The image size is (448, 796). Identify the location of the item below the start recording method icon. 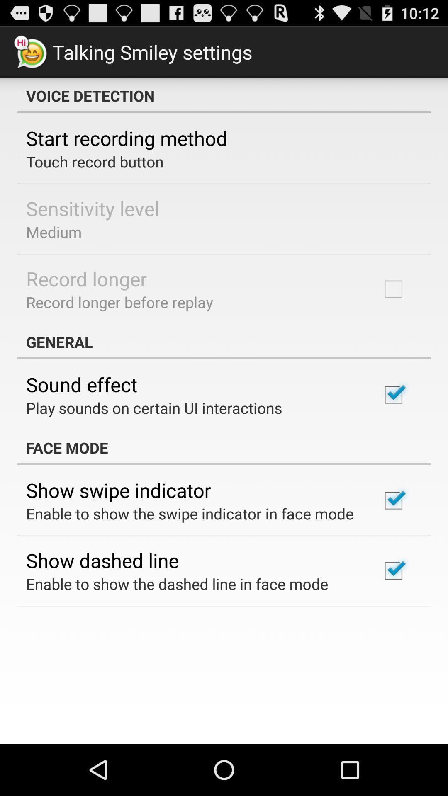
(94, 161).